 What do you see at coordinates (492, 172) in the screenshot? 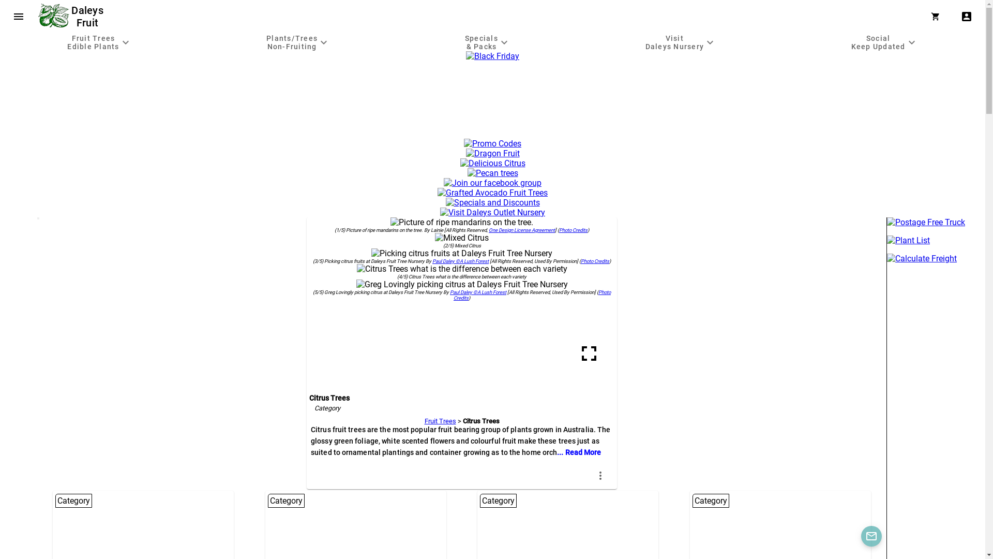
I see `'Pecan trees'` at bounding box center [492, 172].